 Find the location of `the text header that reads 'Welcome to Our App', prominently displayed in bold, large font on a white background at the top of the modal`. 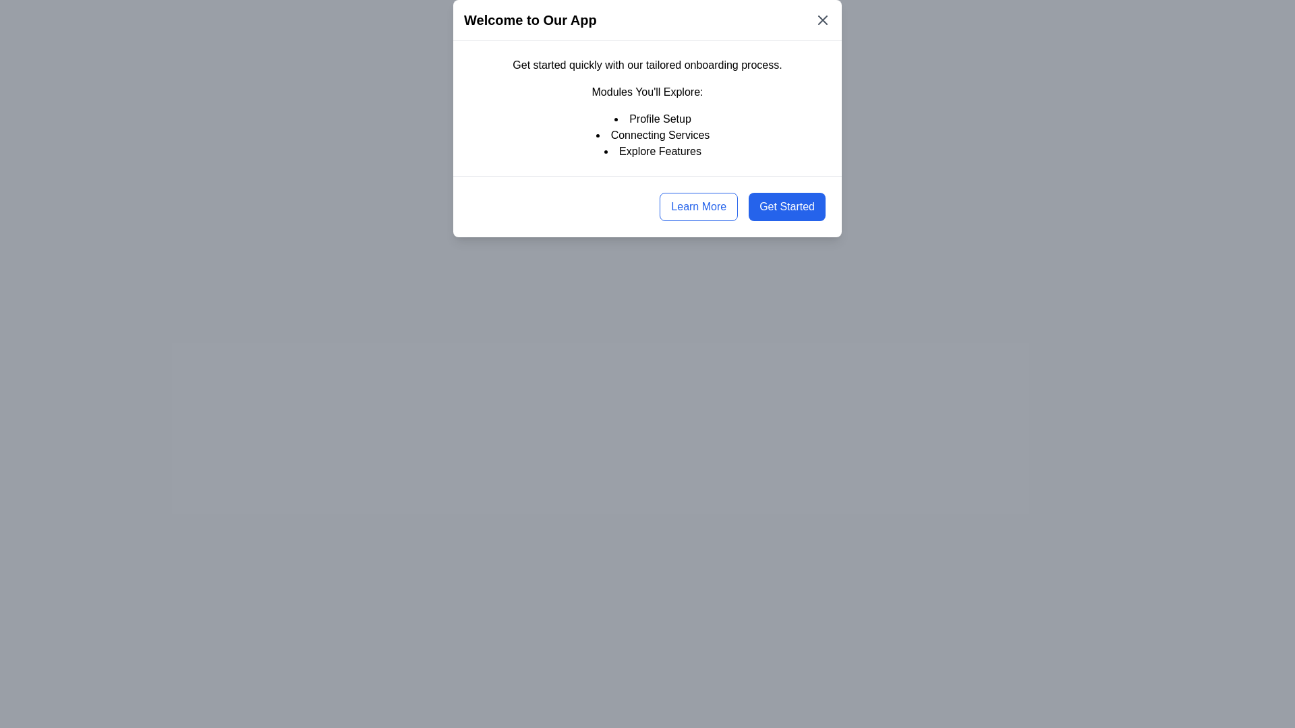

the text header that reads 'Welcome to Our App', prominently displayed in bold, large font on a white background at the top of the modal is located at coordinates (529, 20).